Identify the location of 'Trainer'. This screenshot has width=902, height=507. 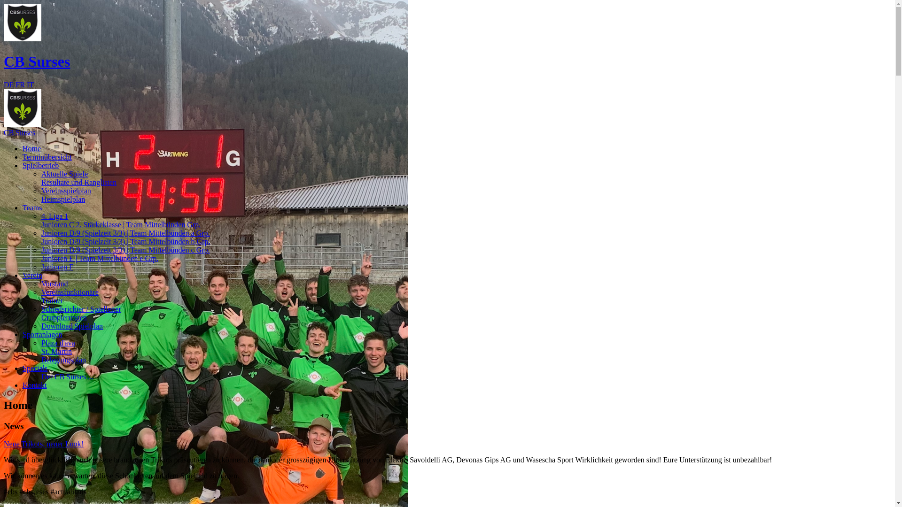
(52, 300).